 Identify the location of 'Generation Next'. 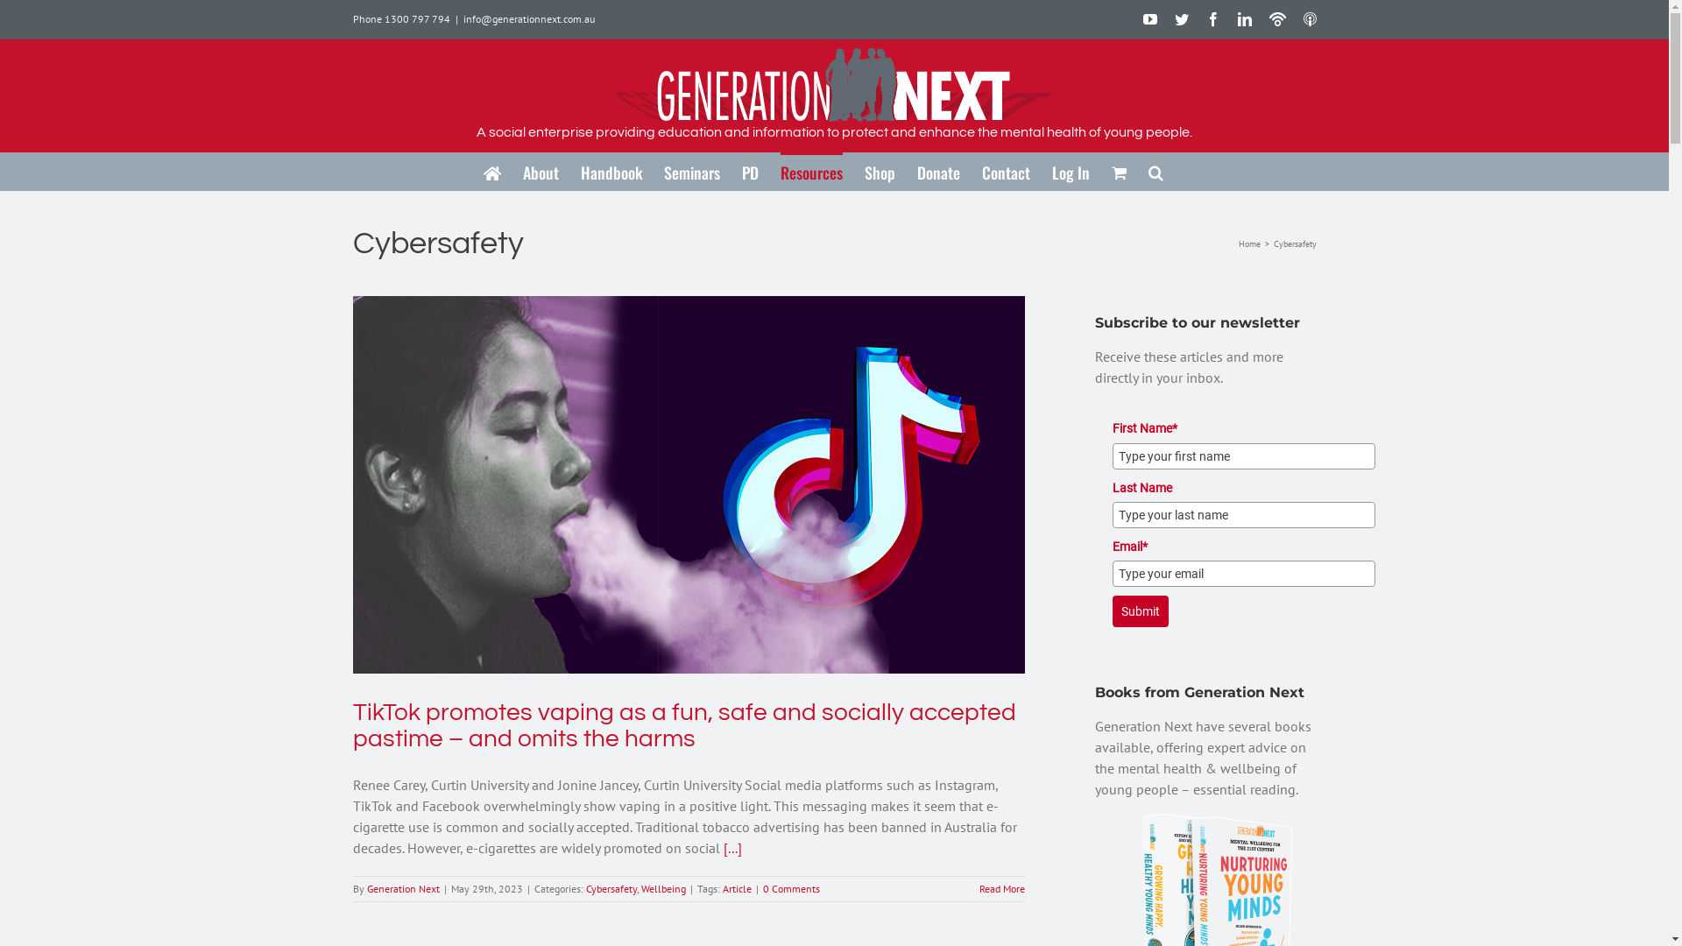
(364, 888).